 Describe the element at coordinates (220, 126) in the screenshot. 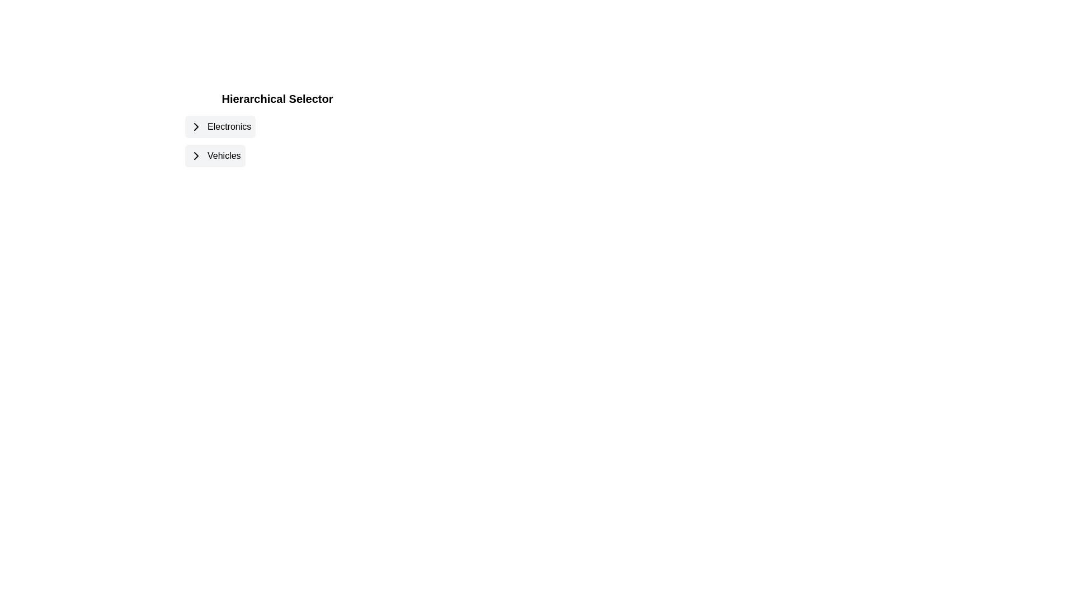

I see `the 'Electronics' button, which is a horizontally aligned component with black text and a right-pointing arrow icon, located below the 'Hierarchical Selector' heading` at that location.